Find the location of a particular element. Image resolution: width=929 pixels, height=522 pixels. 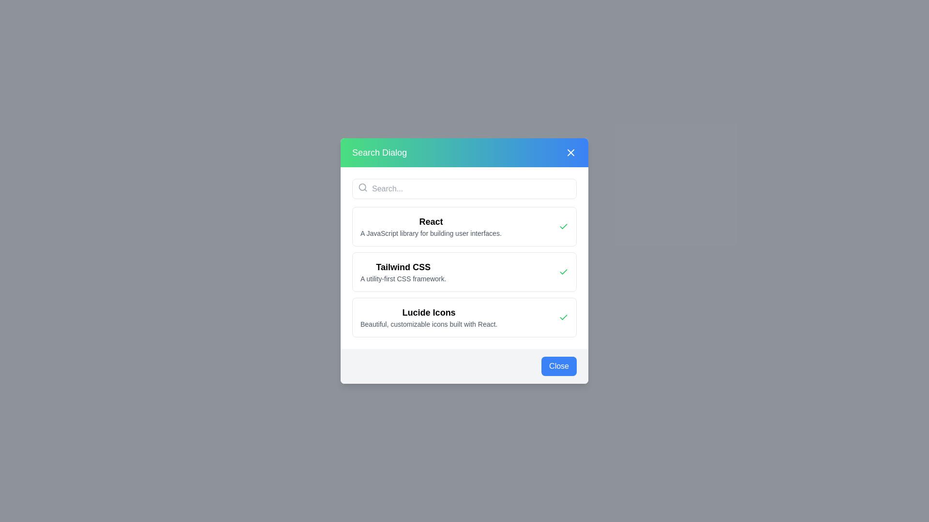

the 'React' text label element, which is styled in bold and larger font size, positioned at the top of its descriptive block is located at coordinates (430, 222).